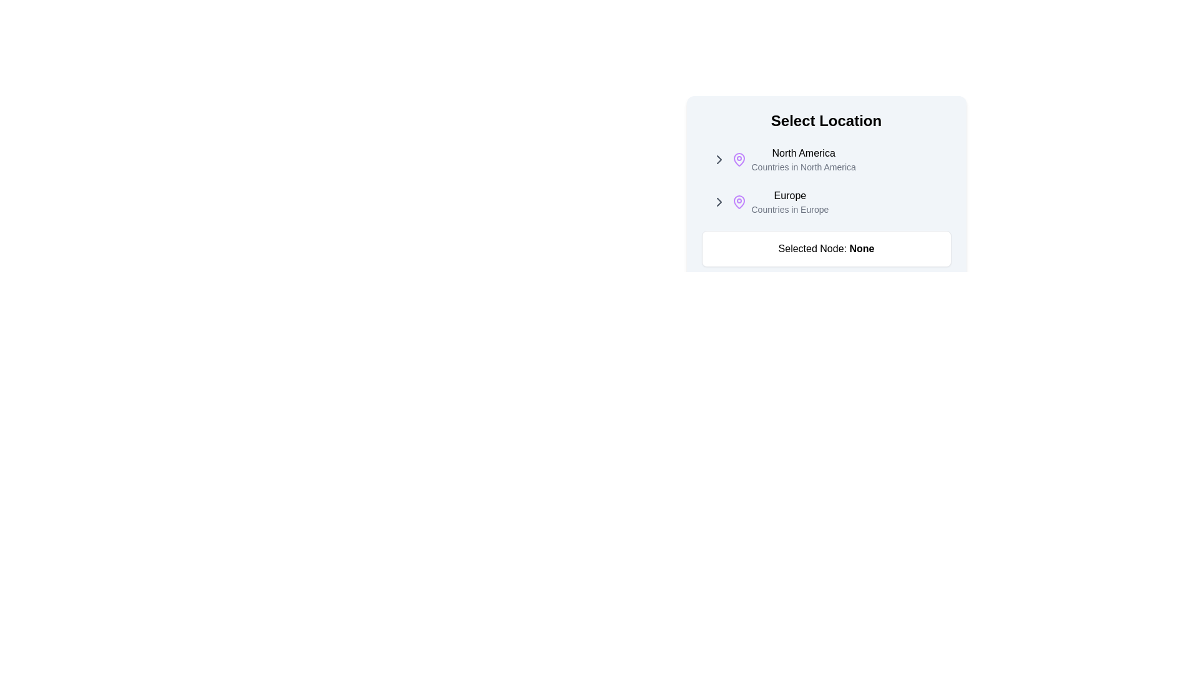  I want to click on the text block displaying 'Europe', so click(789, 202).